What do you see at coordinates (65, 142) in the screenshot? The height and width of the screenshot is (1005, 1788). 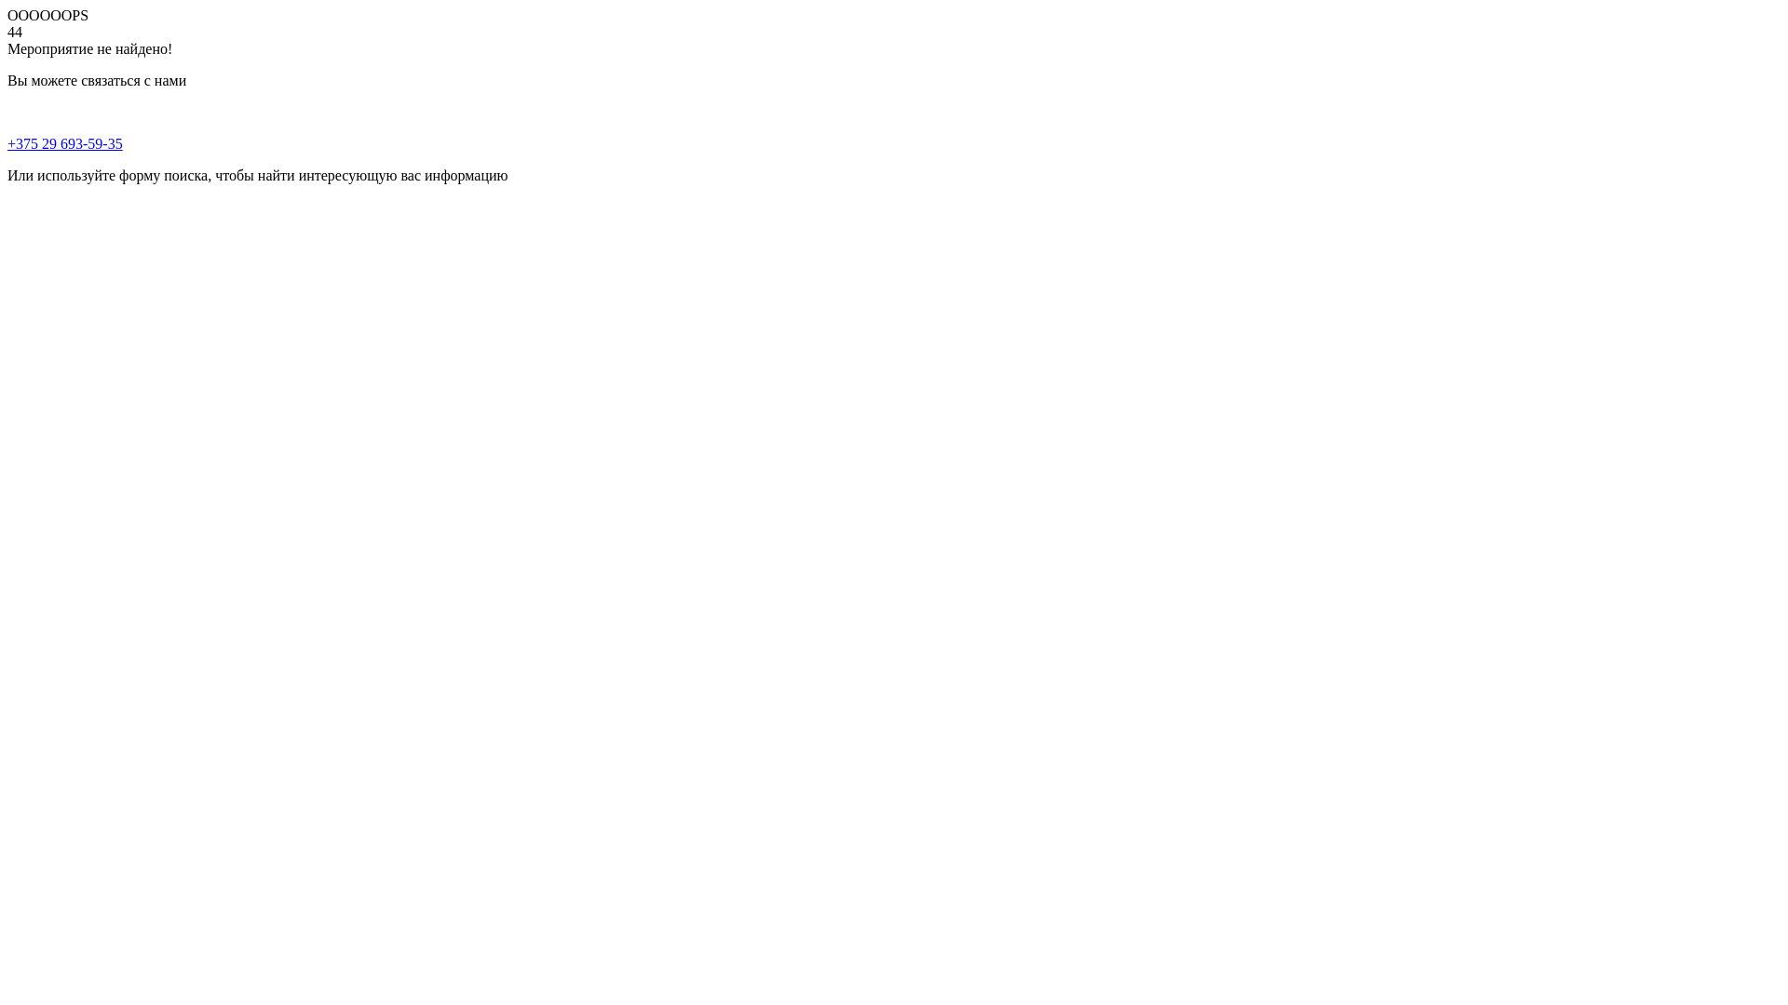 I see `'+375 29 693-59-35'` at bounding box center [65, 142].